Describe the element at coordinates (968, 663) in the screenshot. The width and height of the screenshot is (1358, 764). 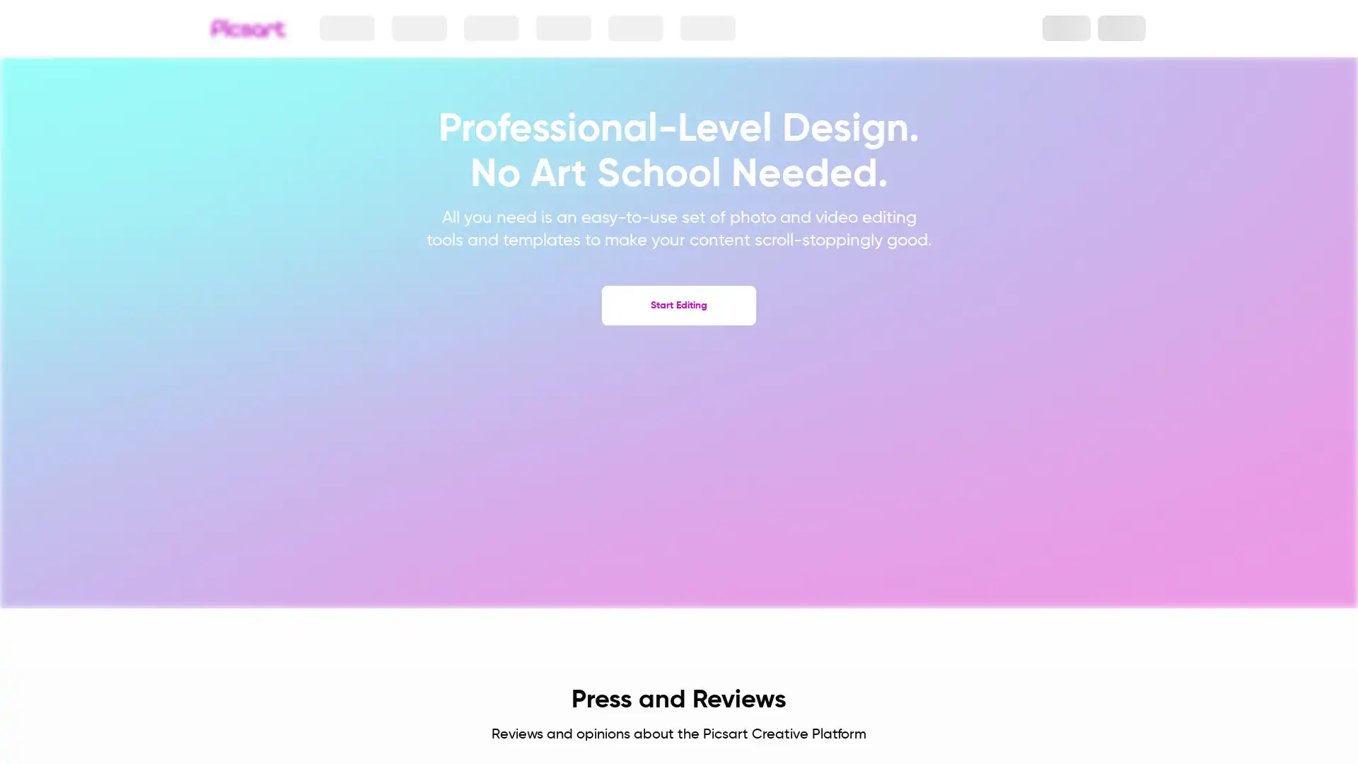
I see `Accept All Cookies` at that location.